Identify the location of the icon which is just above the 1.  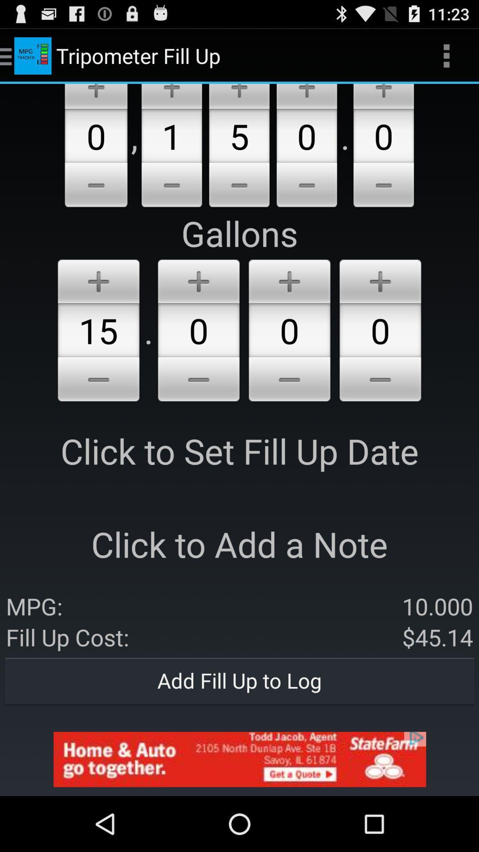
(172, 96).